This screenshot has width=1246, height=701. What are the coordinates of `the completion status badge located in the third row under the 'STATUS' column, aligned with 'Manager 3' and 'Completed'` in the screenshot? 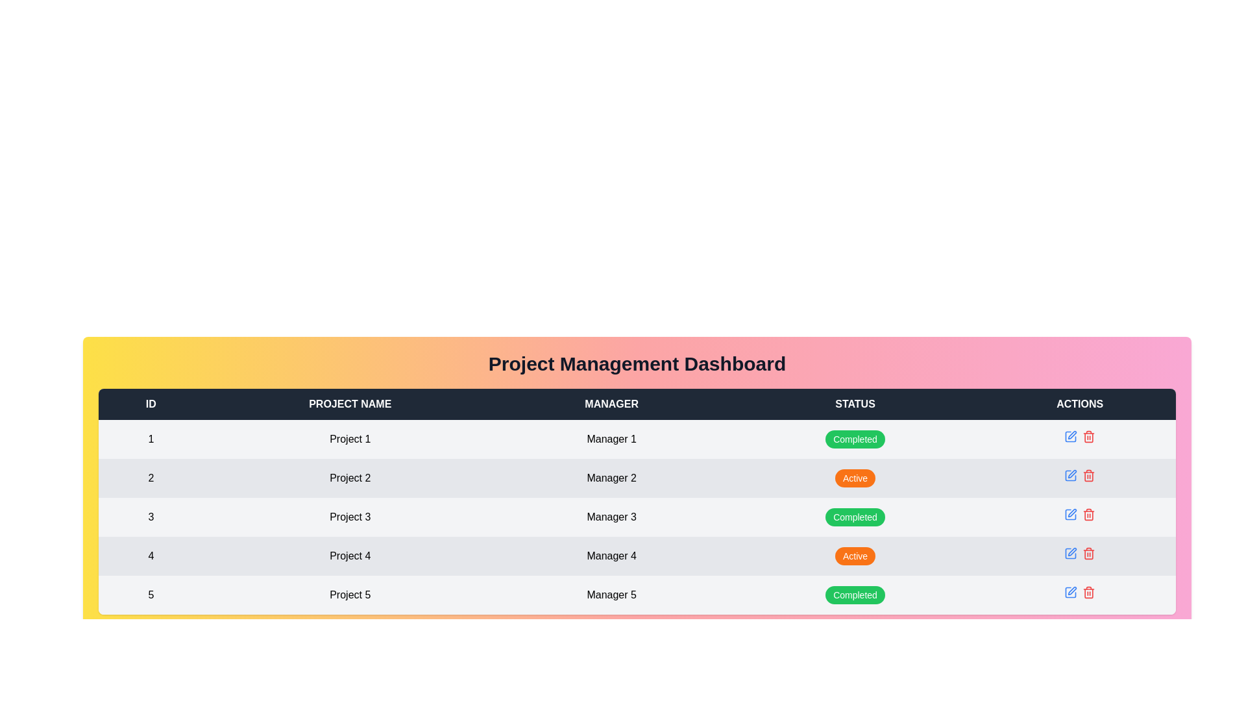 It's located at (855, 517).